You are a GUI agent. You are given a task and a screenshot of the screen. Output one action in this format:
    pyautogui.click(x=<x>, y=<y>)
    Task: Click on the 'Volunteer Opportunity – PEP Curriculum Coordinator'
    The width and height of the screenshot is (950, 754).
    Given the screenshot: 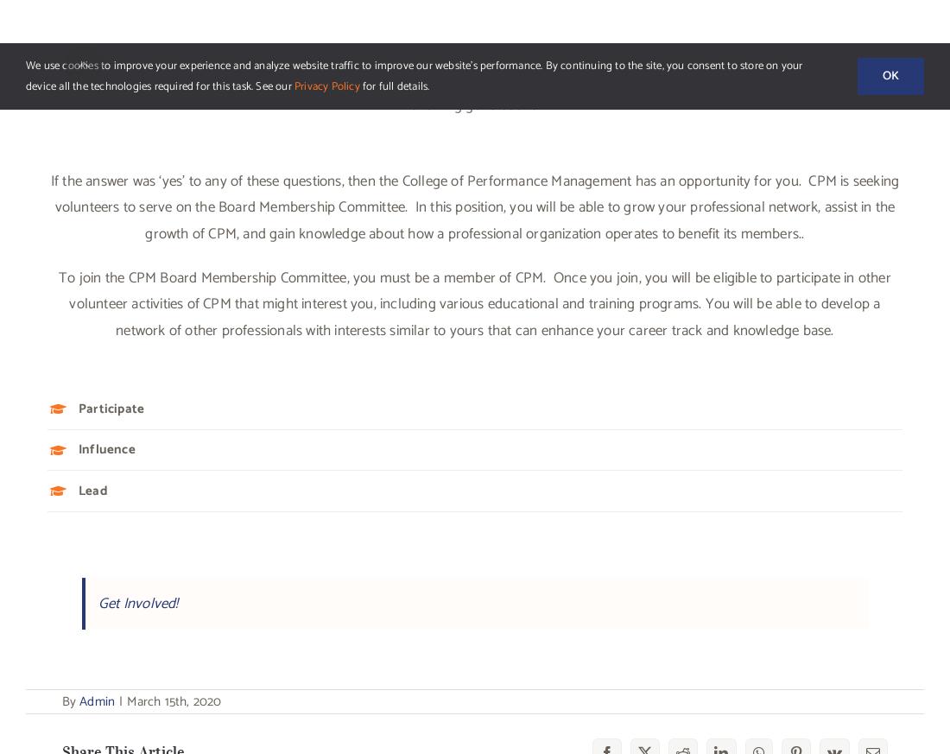 What is the action you would take?
    pyautogui.click(x=499, y=79)
    